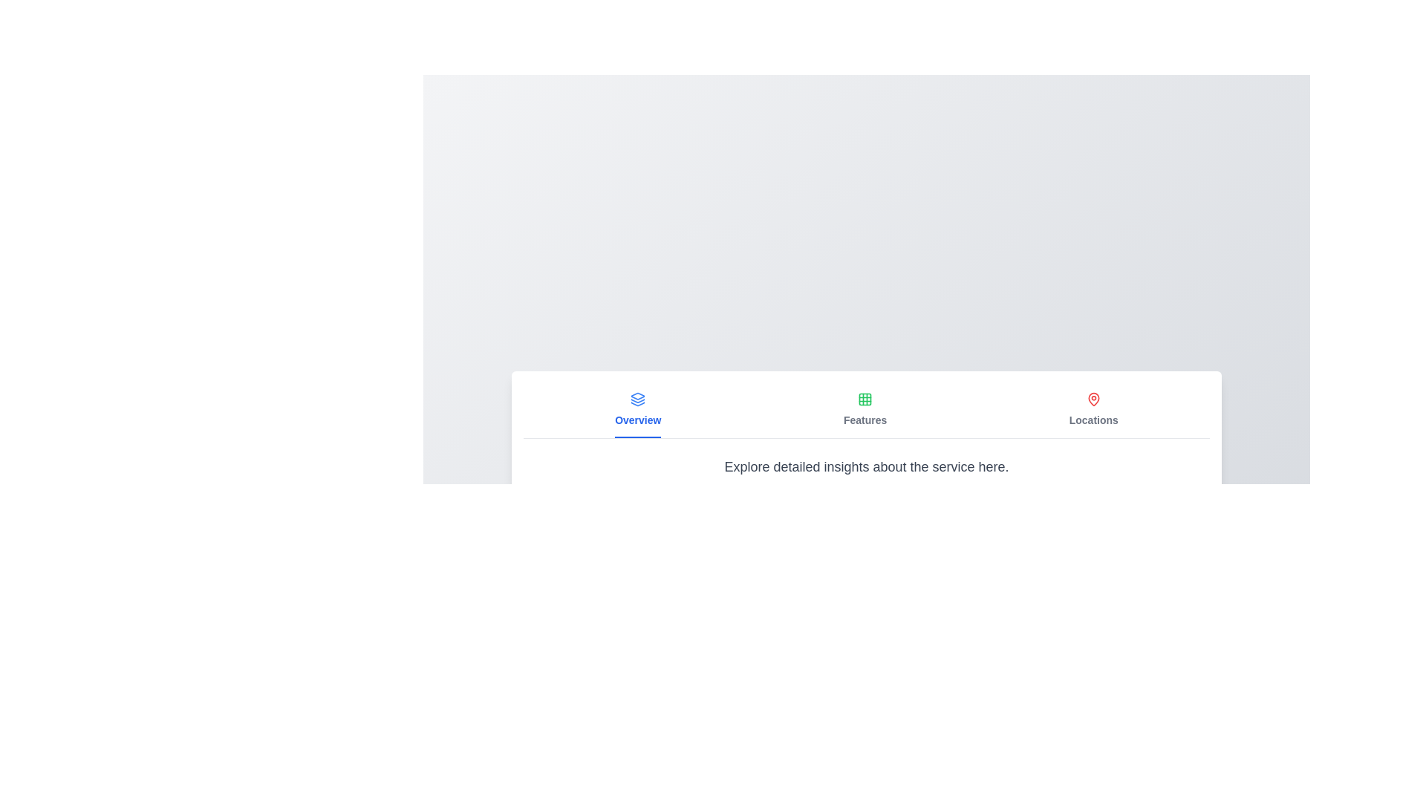  Describe the element at coordinates (865, 409) in the screenshot. I see `the tab labeled Features to display its content` at that location.